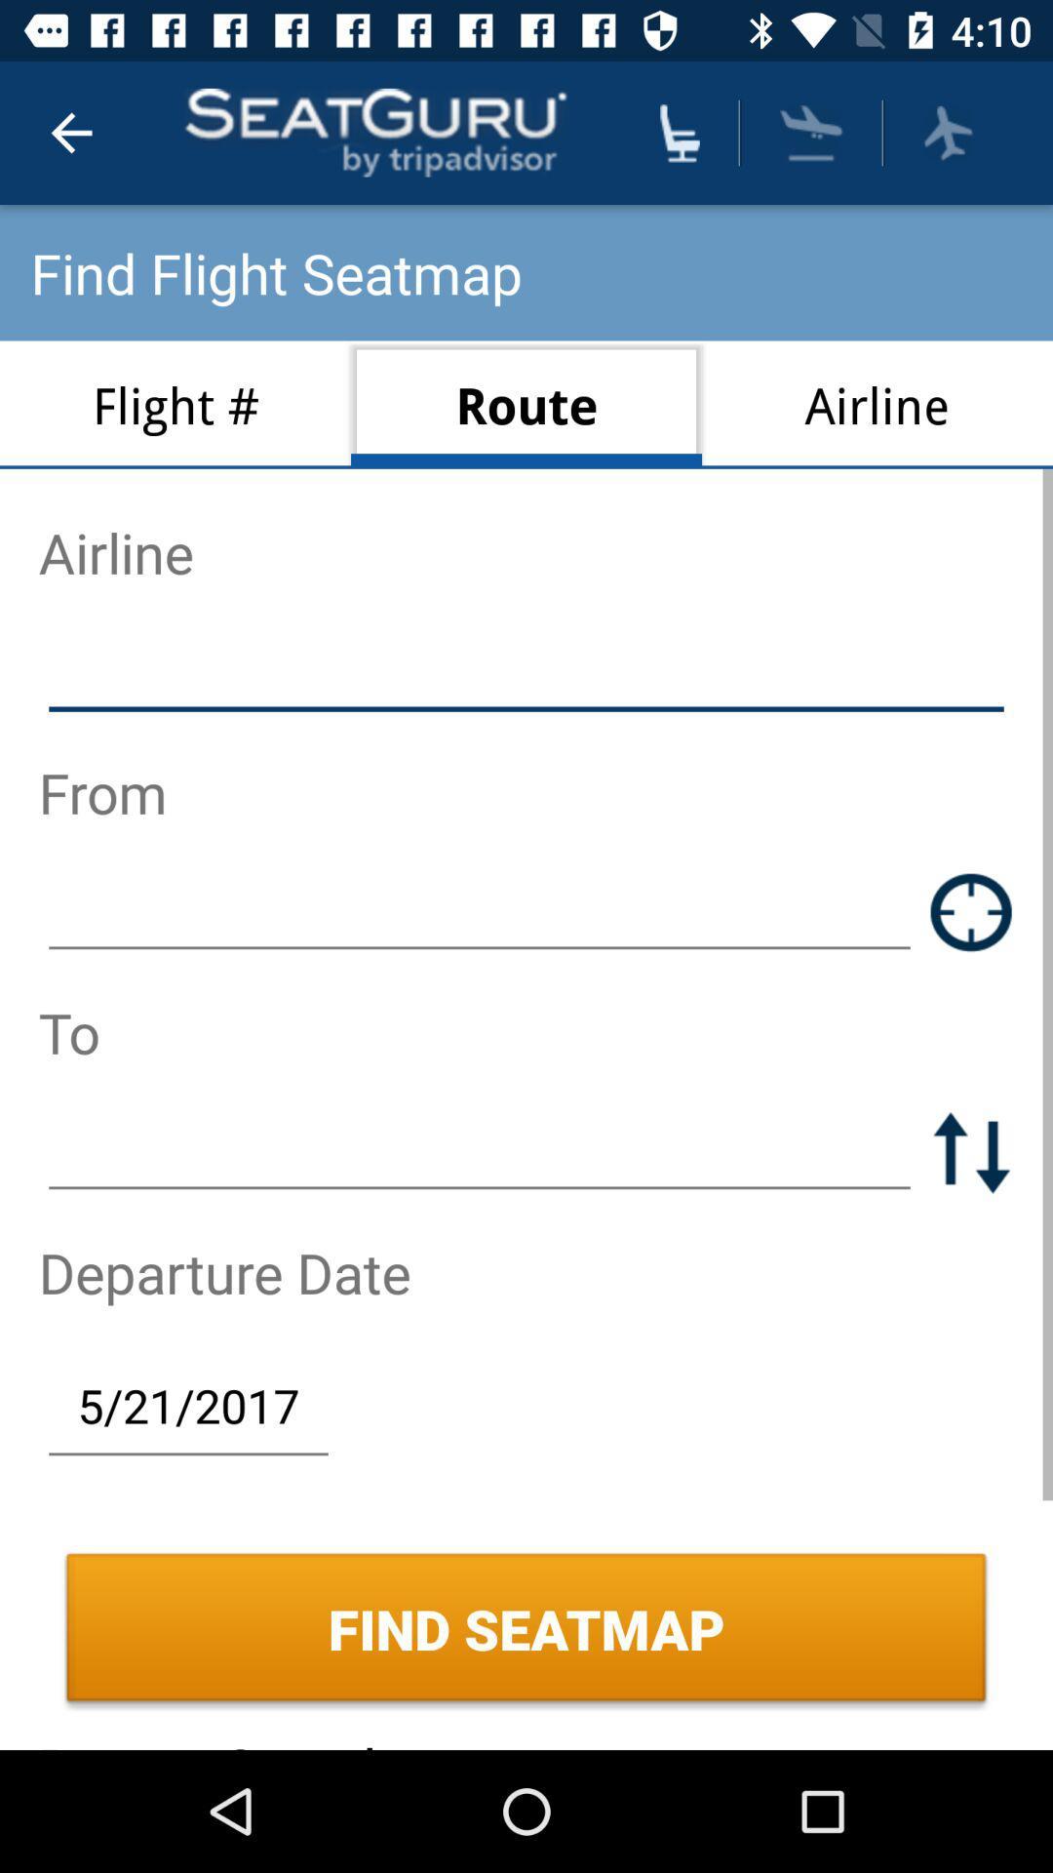 The width and height of the screenshot is (1053, 1873). I want to click on enters destination city, so click(480, 1152).